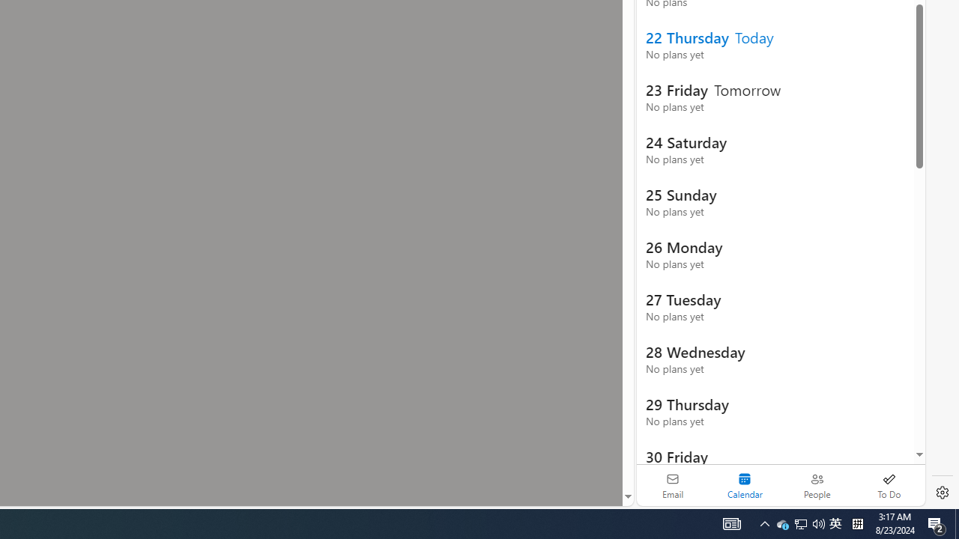 The width and height of the screenshot is (959, 539). What do you see at coordinates (672, 485) in the screenshot?
I see `'Email'` at bounding box center [672, 485].